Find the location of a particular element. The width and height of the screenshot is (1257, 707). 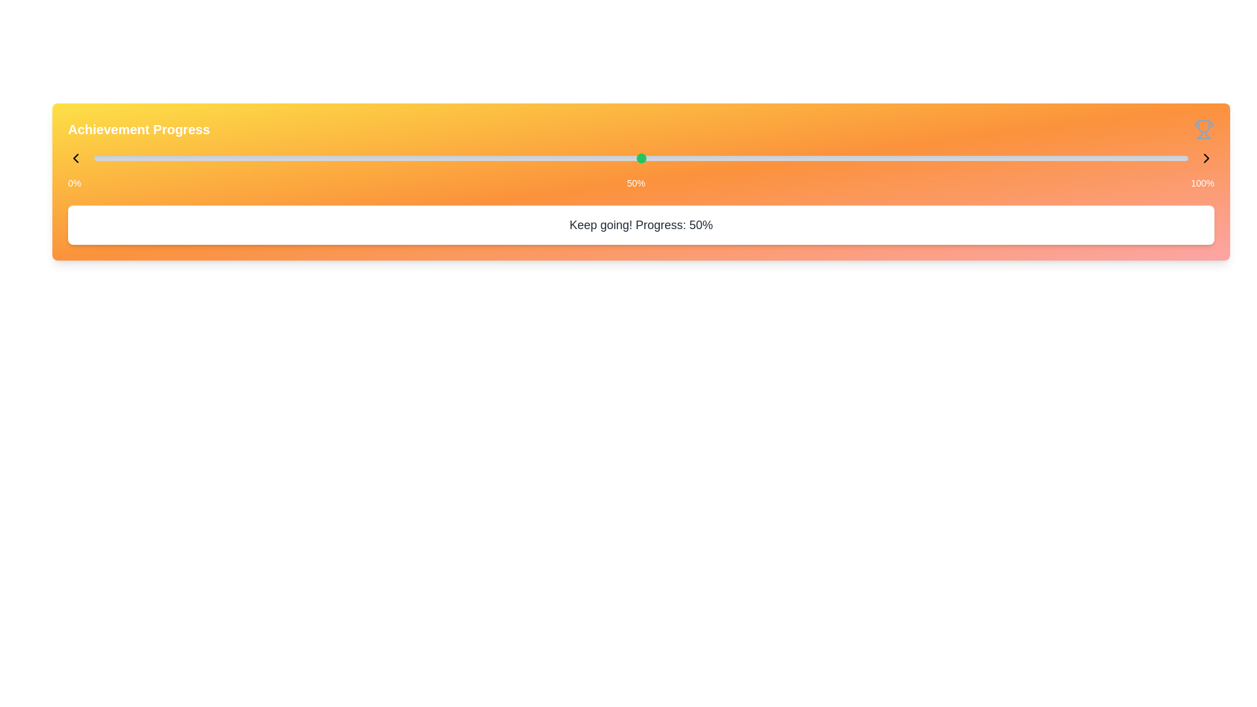

the horizontal slider with a gradient orange background, positioned between 'Achievement Progress' and 'Keep going! Progress: 50%' is located at coordinates (641, 158).